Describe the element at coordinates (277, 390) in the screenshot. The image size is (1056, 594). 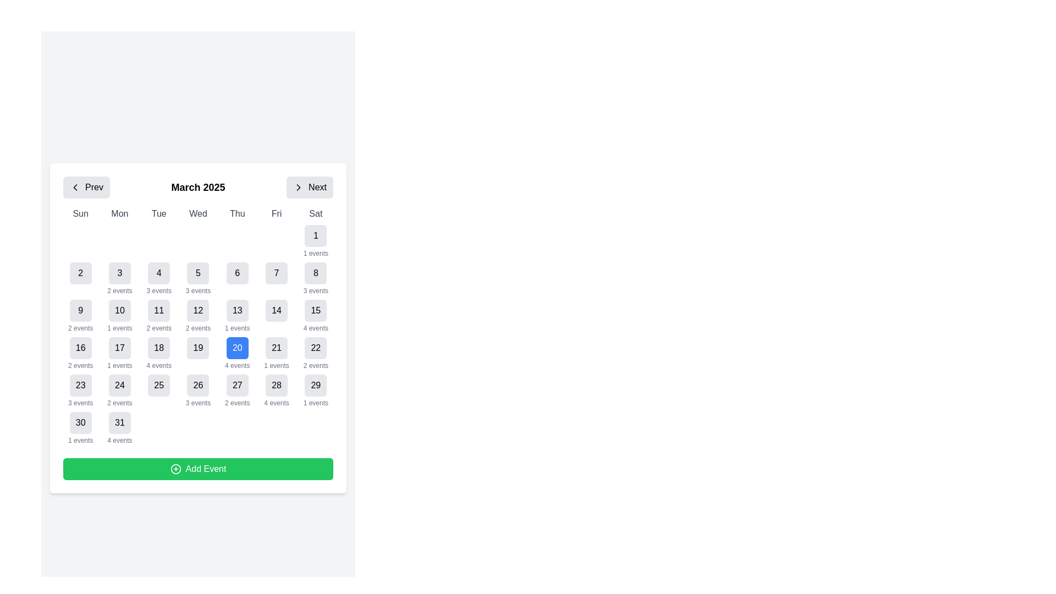
I see `the Calendar cell representing the 28th day of March 2025` at that location.